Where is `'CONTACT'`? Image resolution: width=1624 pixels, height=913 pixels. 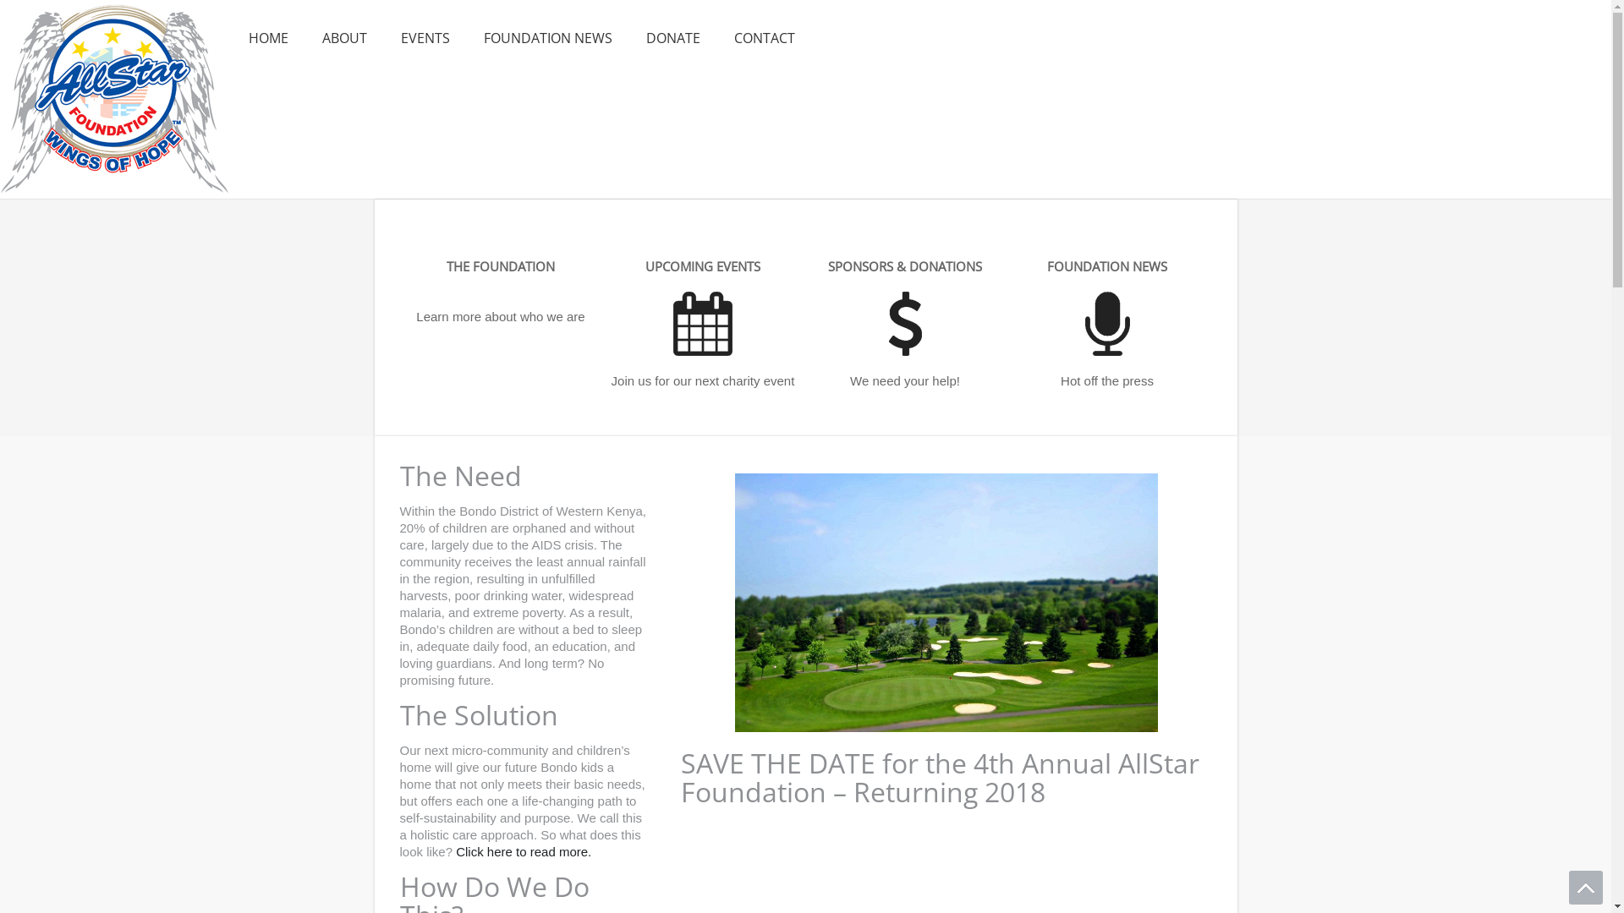 'CONTACT' is located at coordinates (763, 38).